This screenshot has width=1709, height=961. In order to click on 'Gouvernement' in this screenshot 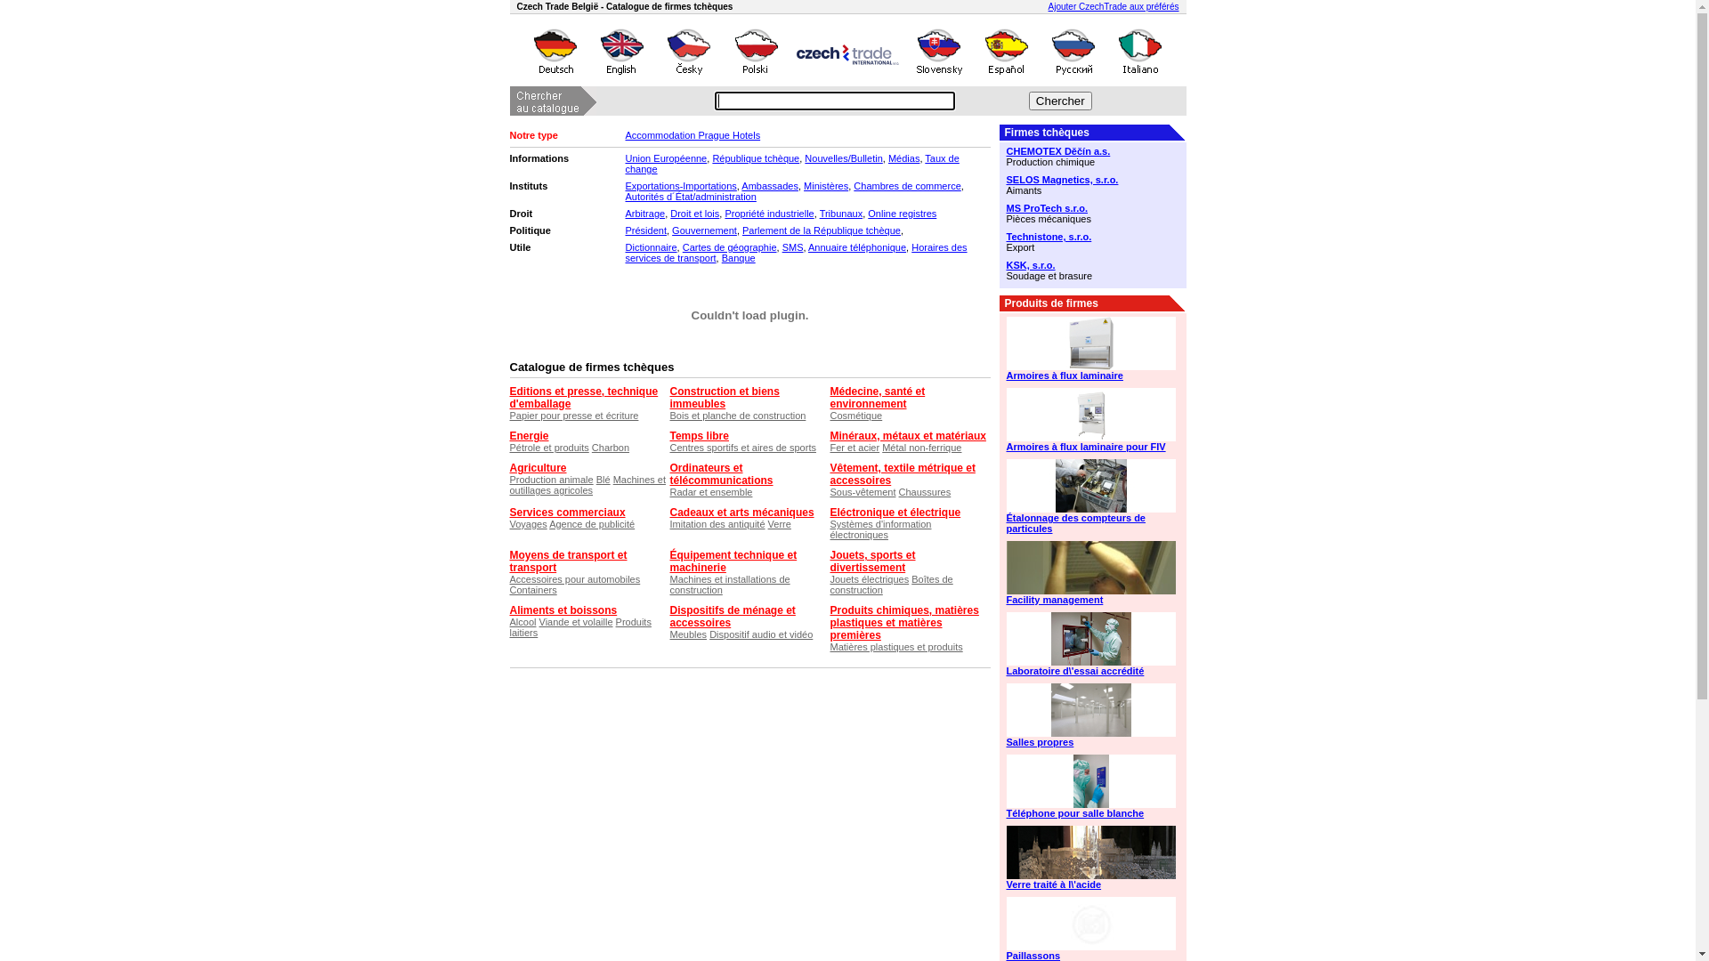, I will do `click(703, 229)`.